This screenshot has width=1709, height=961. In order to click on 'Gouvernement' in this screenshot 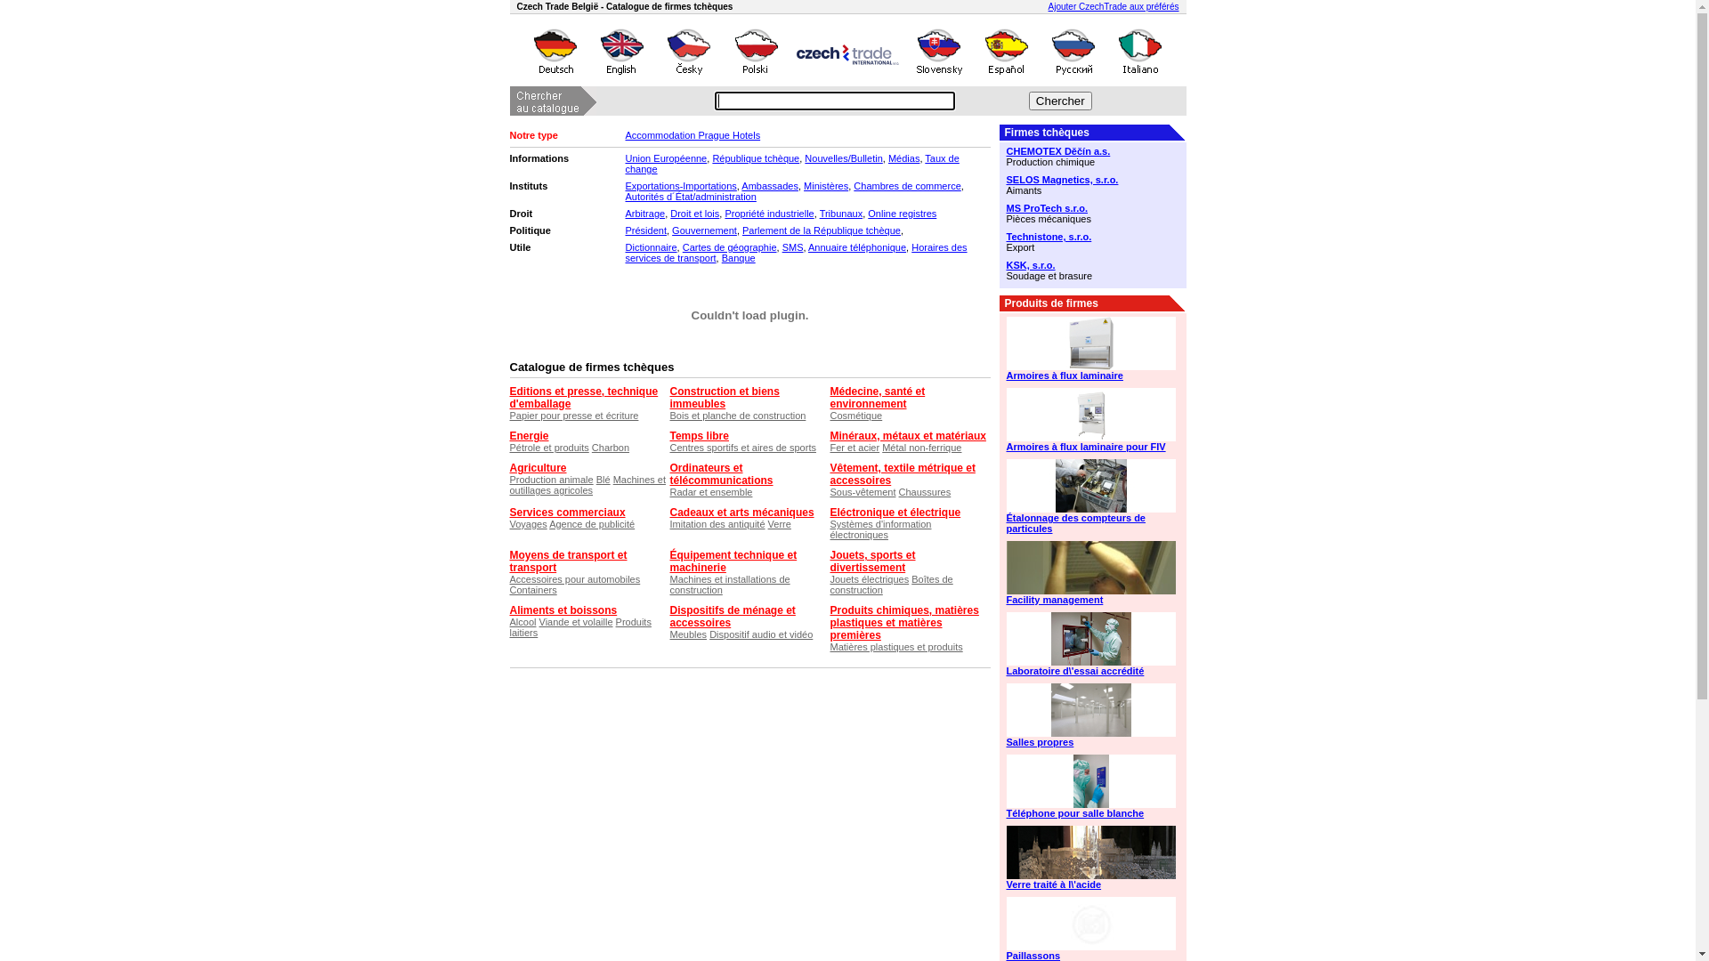, I will do `click(703, 229)`.